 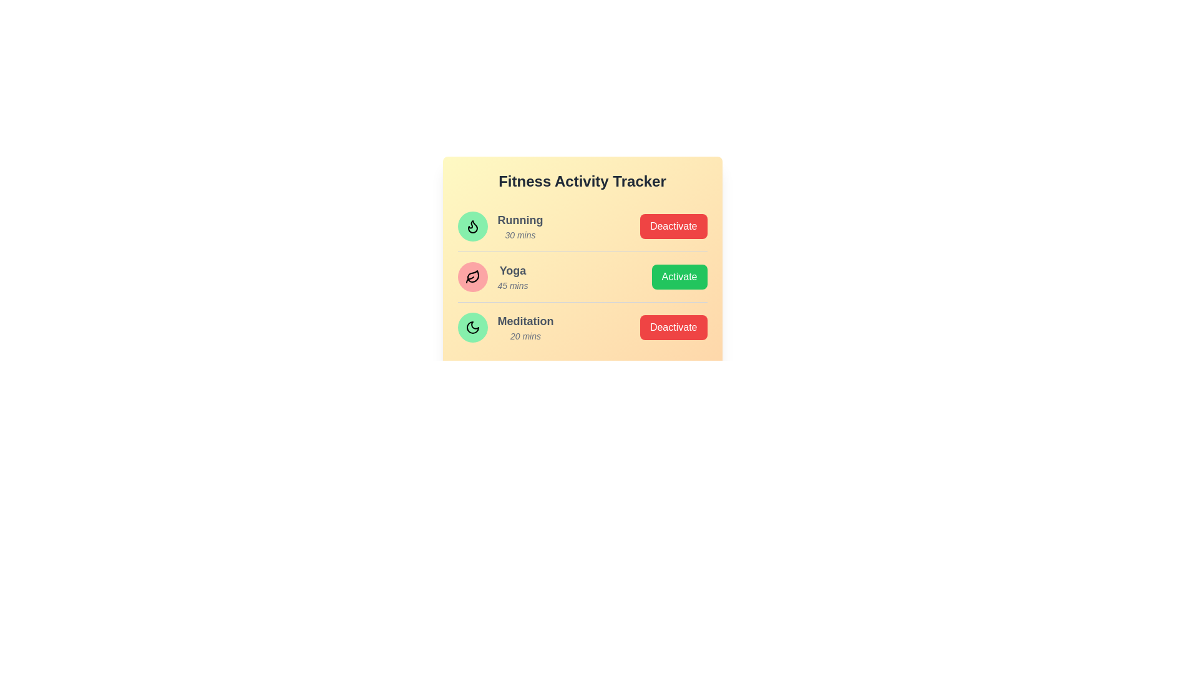 What do you see at coordinates (673, 326) in the screenshot?
I see `button to toggle the status of the activity Meditation` at bounding box center [673, 326].